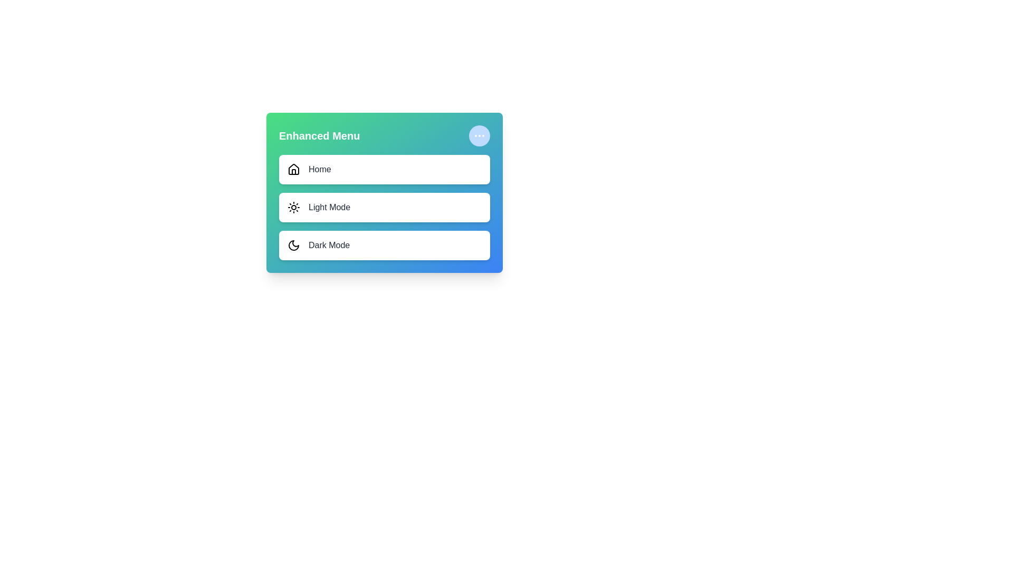 This screenshot has width=1013, height=569. What do you see at coordinates (384, 169) in the screenshot?
I see `the menu item Home to observe its hover effect` at bounding box center [384, 169].